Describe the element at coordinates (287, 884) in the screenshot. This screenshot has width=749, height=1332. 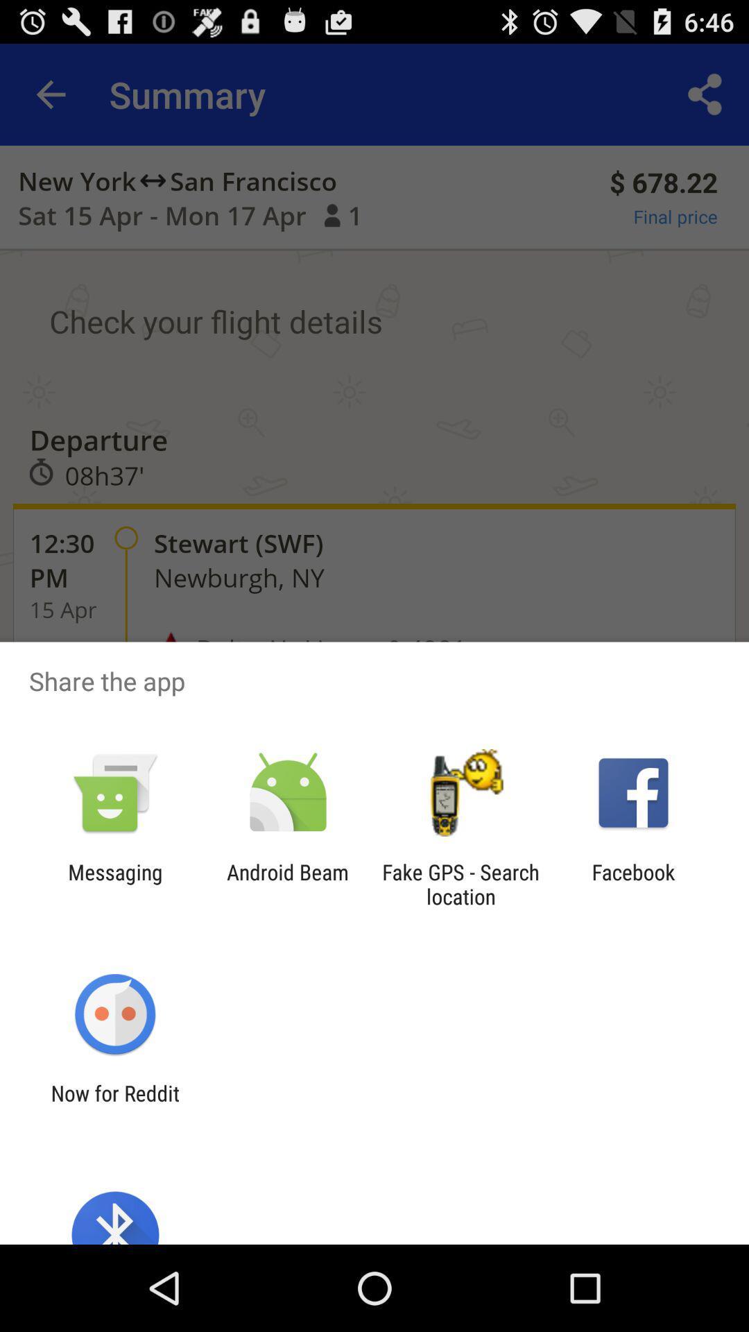
I see `app to the left of the fake gps search app` at that location.